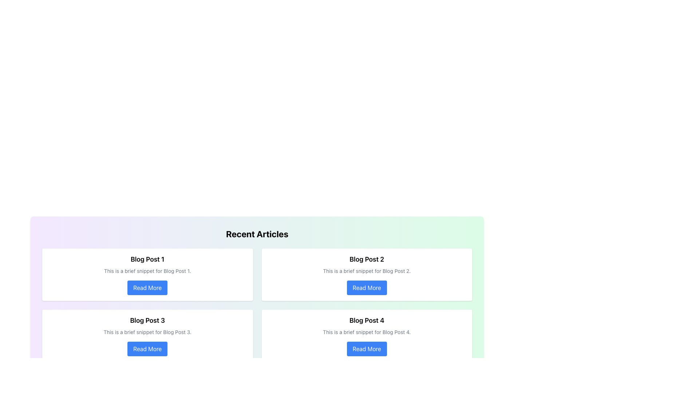 The width and height of the screenshot is (699, 393). Describe the element at coordinates (147, 349) in the screenshot. I see `the 'Read More' button located in the 'Blog Post 3' section` at that location.